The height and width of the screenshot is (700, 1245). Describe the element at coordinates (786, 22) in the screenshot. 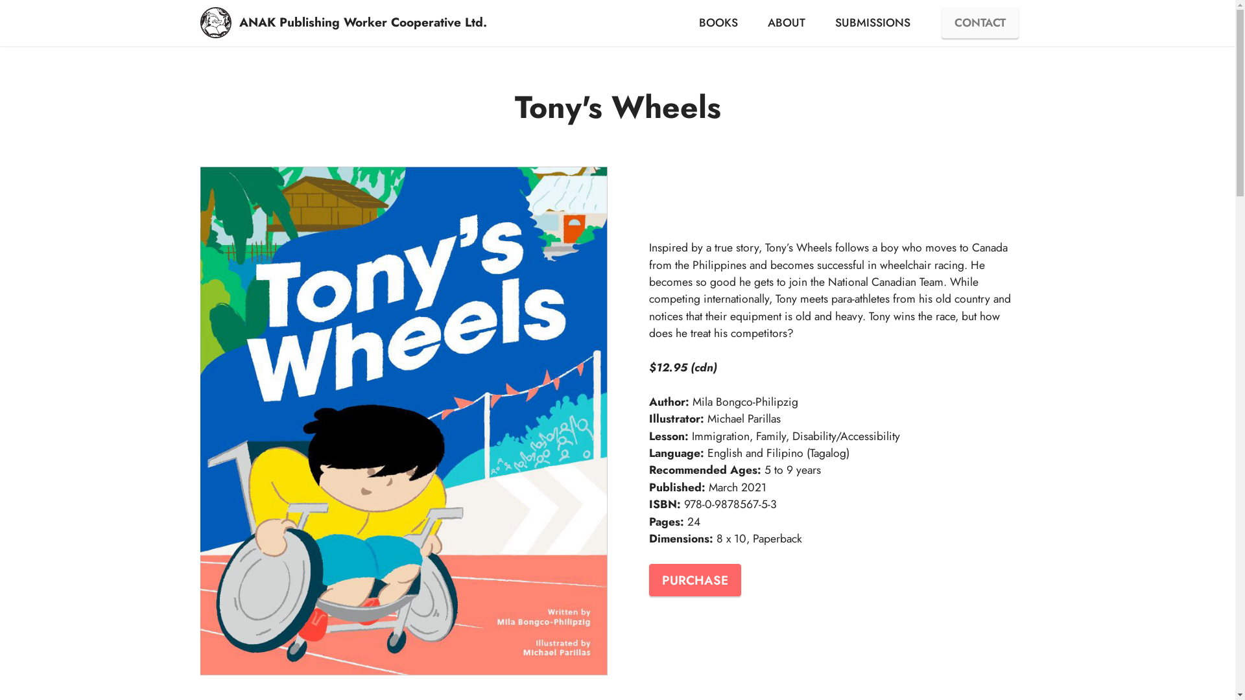

I see `'ABOUT'` at that location.